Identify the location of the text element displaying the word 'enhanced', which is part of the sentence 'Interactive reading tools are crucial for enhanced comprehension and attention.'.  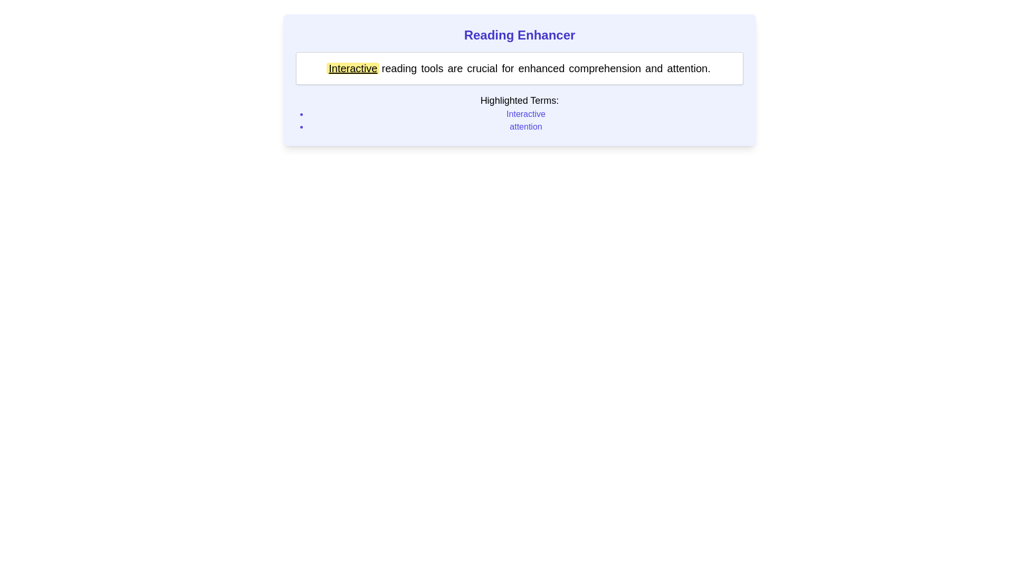
(541, 68).